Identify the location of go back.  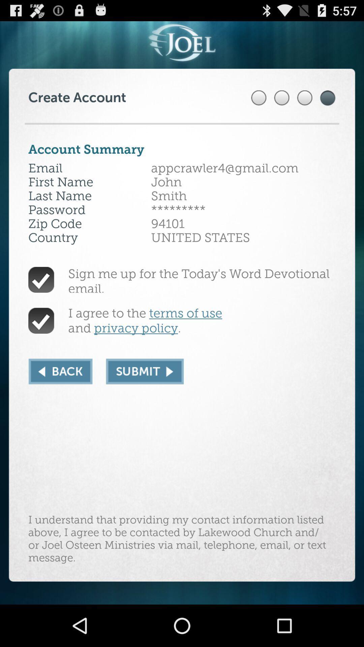
(60, 371).